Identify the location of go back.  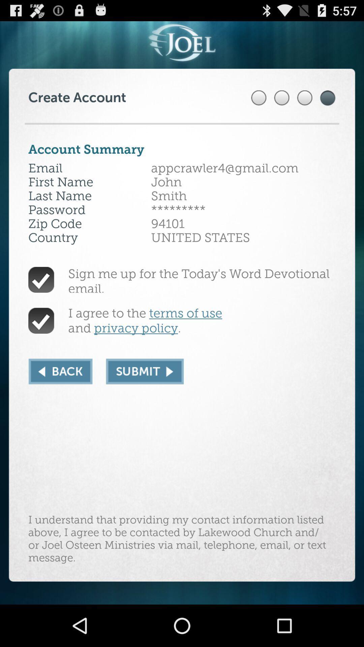
(60, 371).